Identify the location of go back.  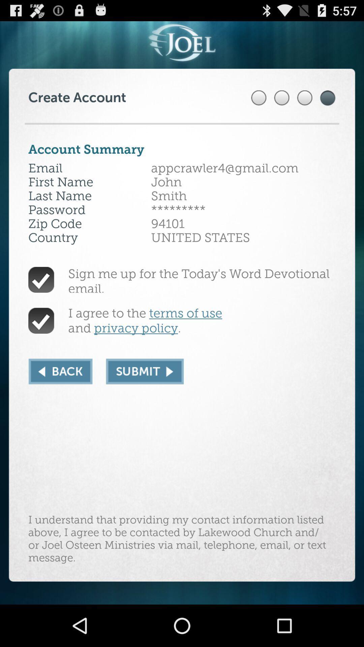
(60, 371).